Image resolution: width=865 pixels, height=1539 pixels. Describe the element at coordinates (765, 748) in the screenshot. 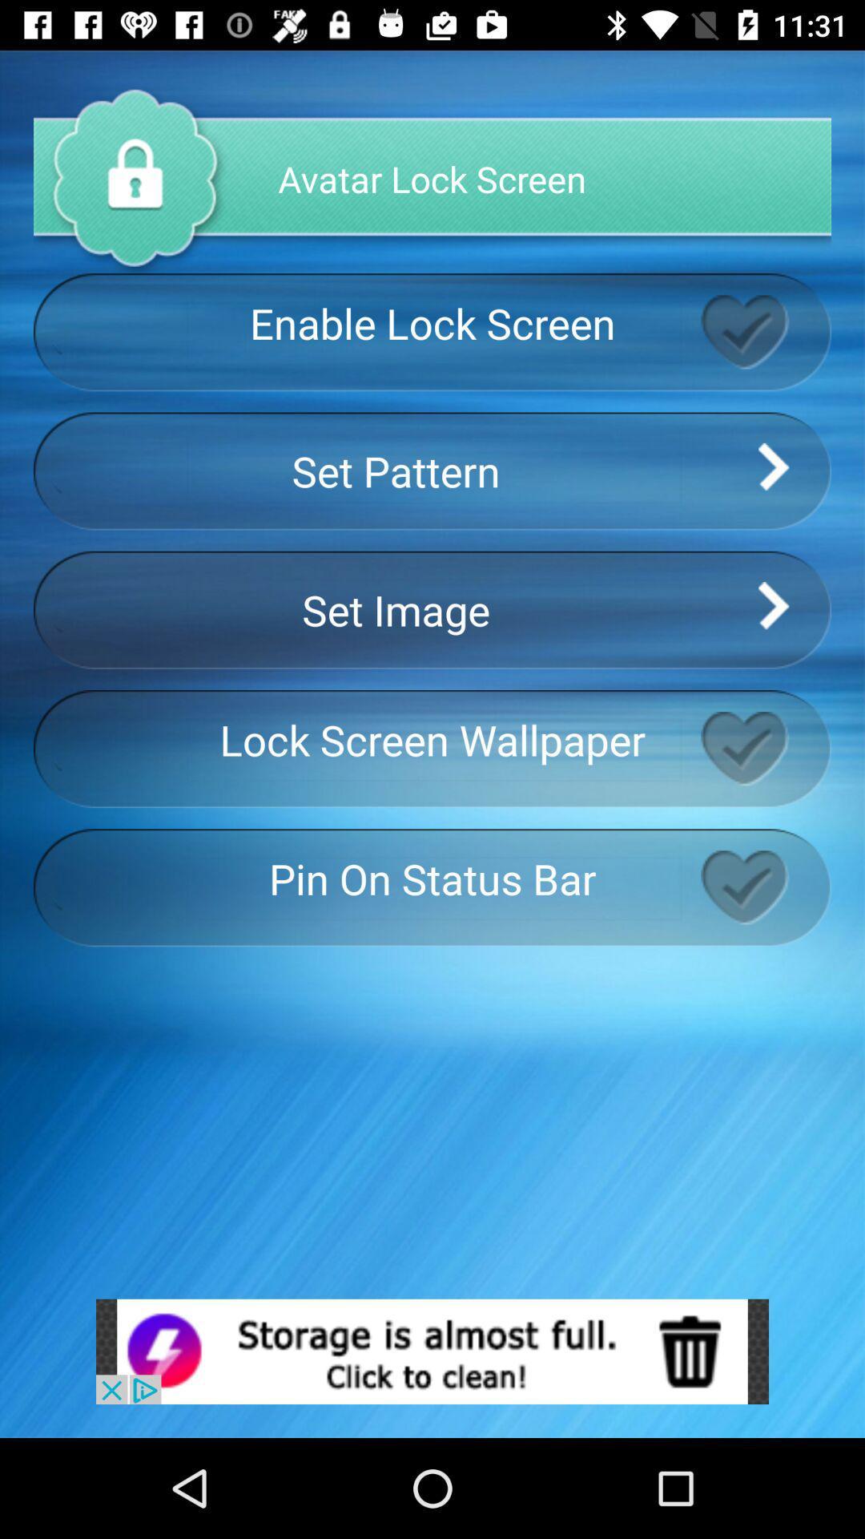

I see `lock screen wallpaper option` at that location.